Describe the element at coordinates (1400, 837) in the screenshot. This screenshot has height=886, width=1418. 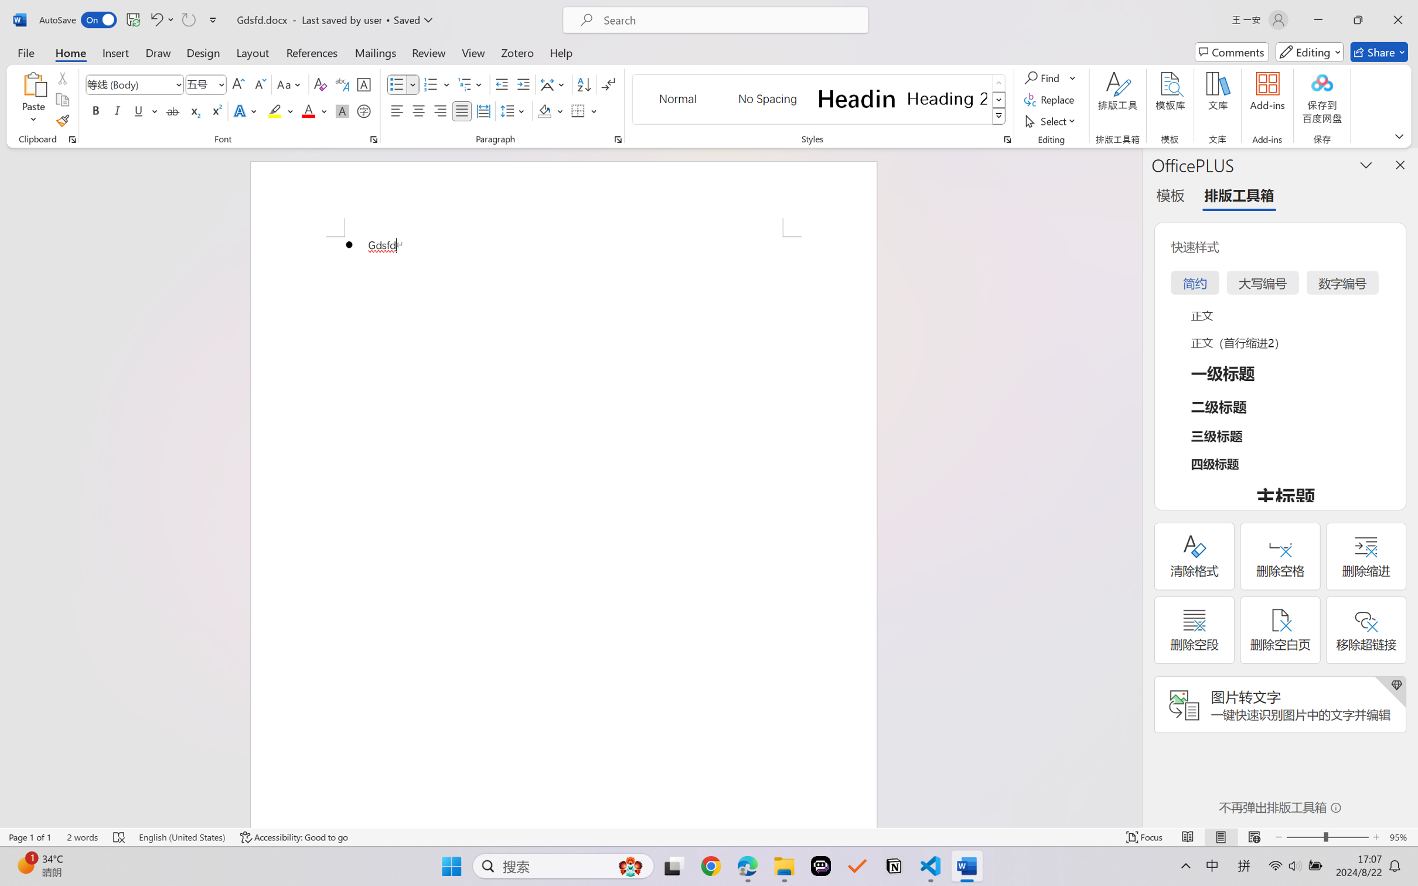
I see `'Zoom 95%'` at that location.